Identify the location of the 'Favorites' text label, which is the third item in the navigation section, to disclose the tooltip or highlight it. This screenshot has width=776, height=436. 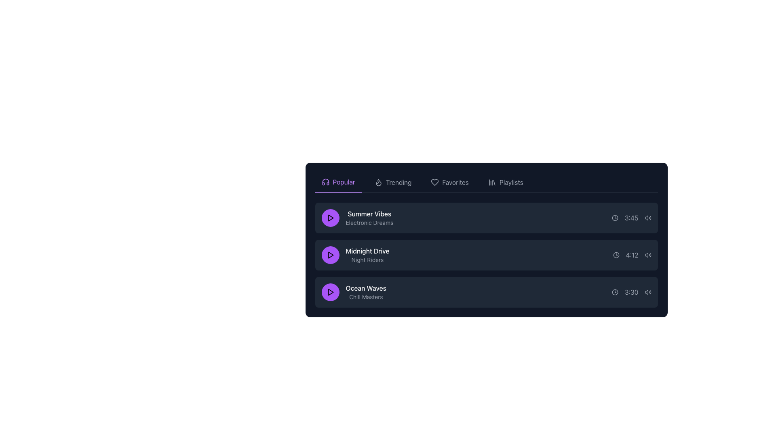
(455, 182).